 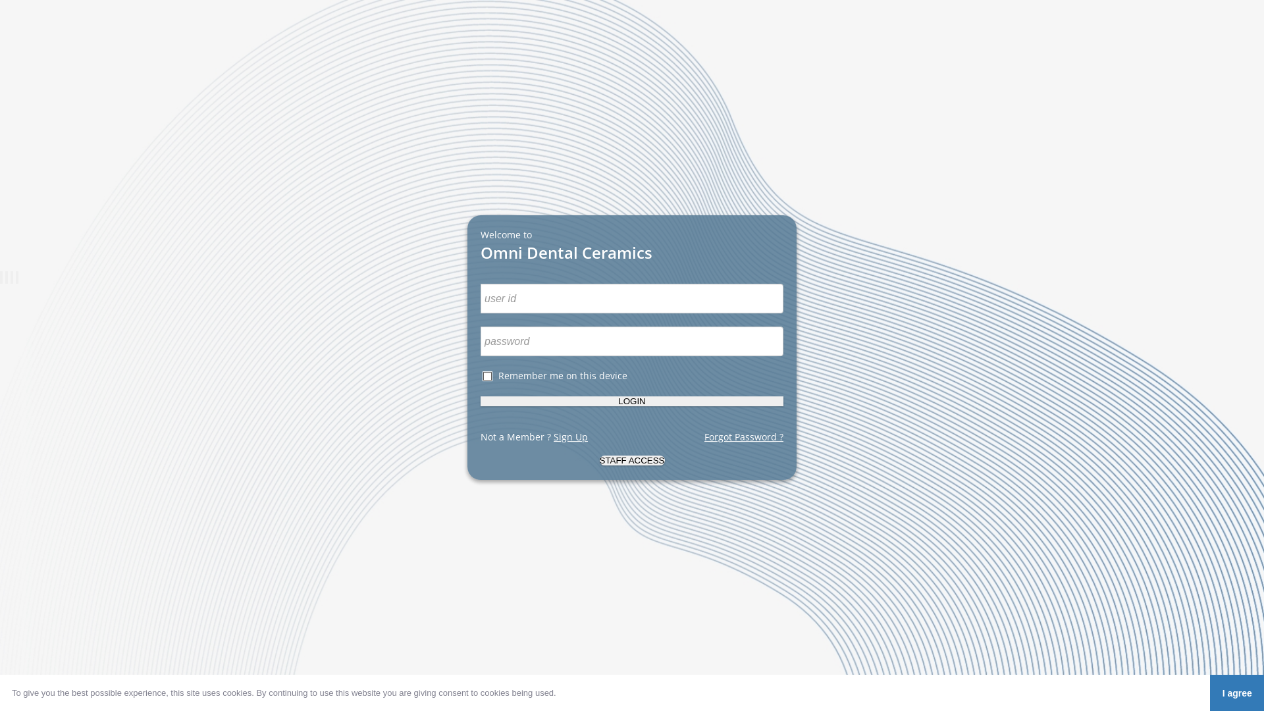 What do you see at coordinates (632, 400) in the screenshot?
I see `'Login'` at bounding box center [632, 400].